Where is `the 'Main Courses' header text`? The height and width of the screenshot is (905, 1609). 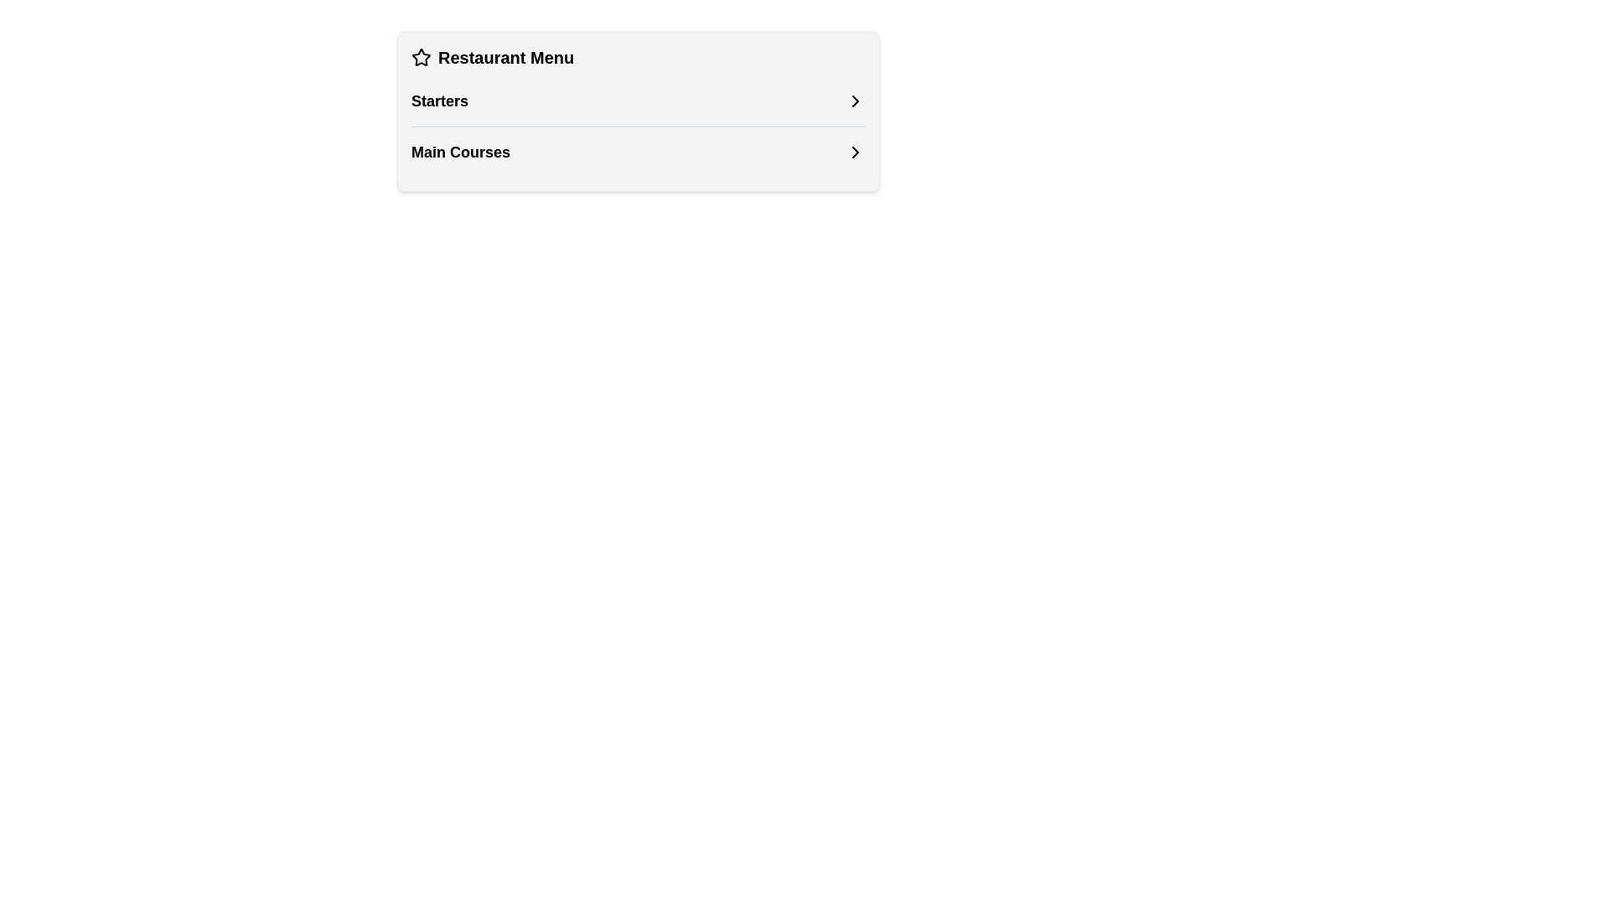 the 'Main Courses' header text is located at coordinates (461, 152).